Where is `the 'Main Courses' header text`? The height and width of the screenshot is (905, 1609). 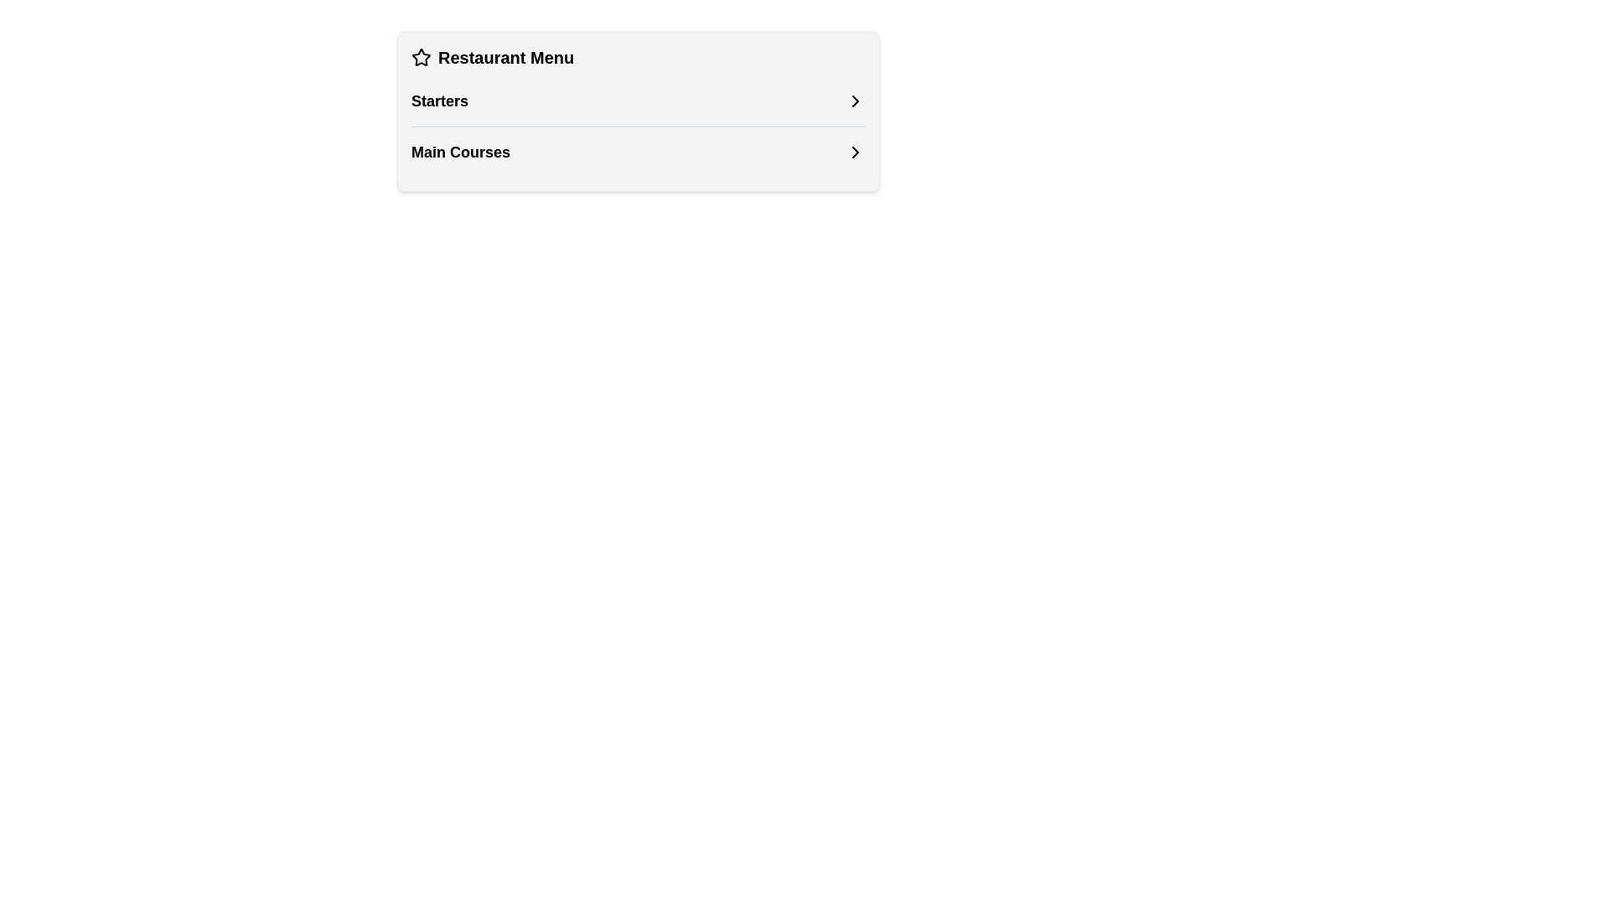 the 'Main Courses' header text is located at coordinates (461, 152).